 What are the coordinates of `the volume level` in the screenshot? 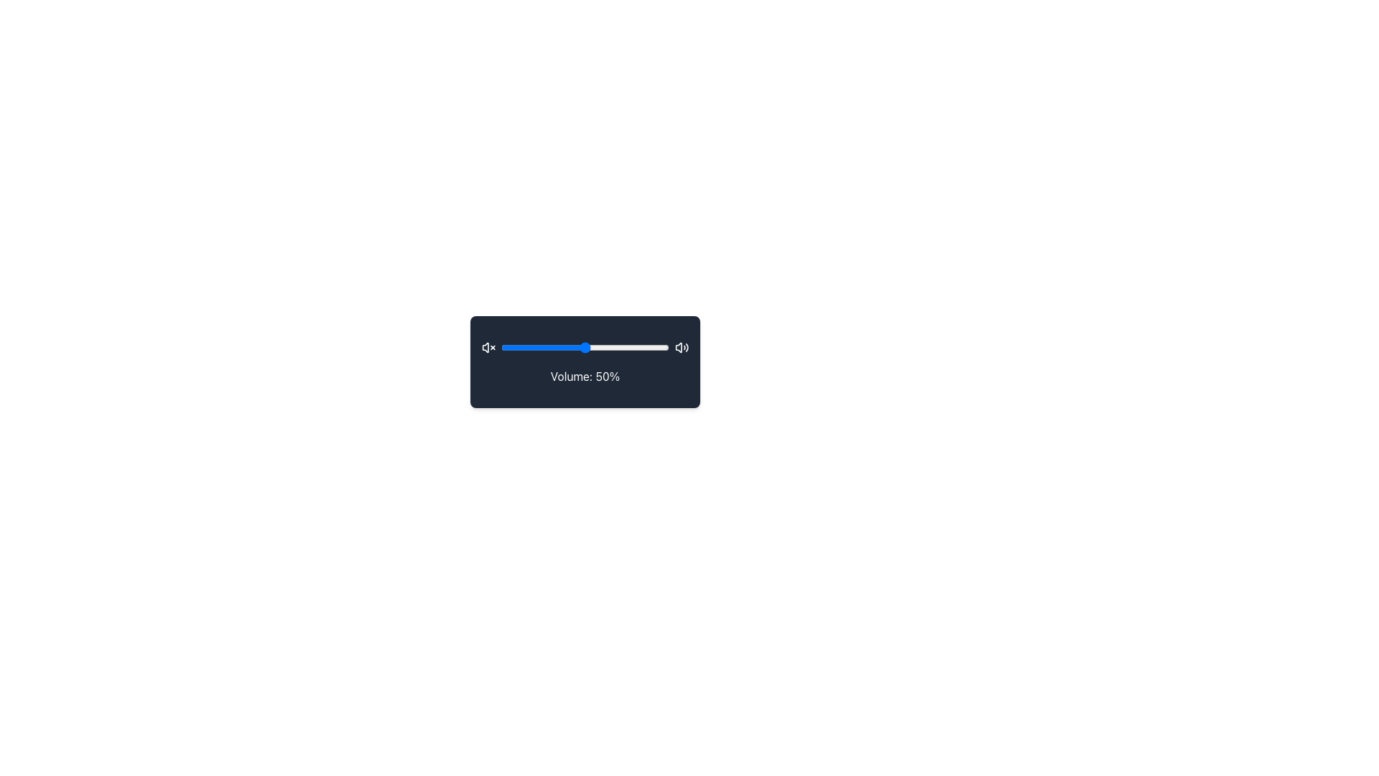 It's located at (567, 347).